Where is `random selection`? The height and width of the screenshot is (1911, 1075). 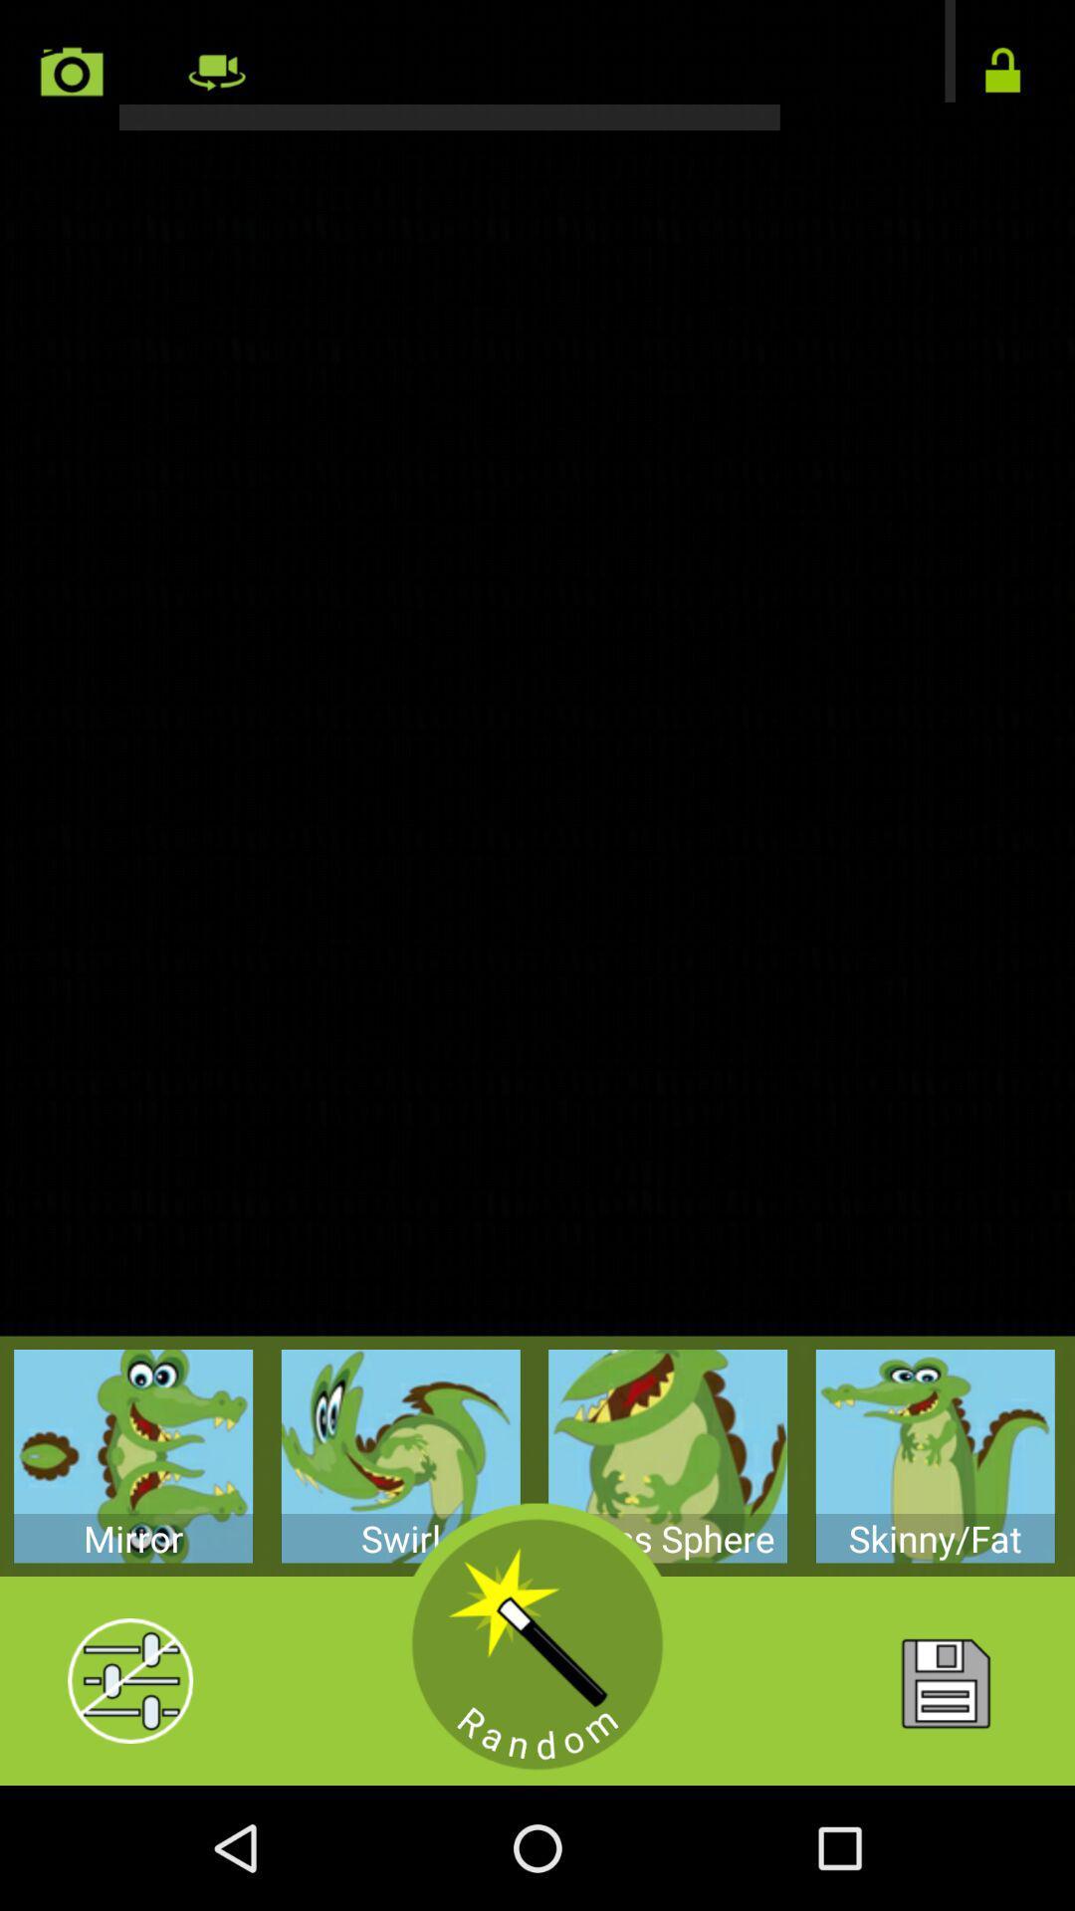 random selection is located at coordinates (537, 1644).